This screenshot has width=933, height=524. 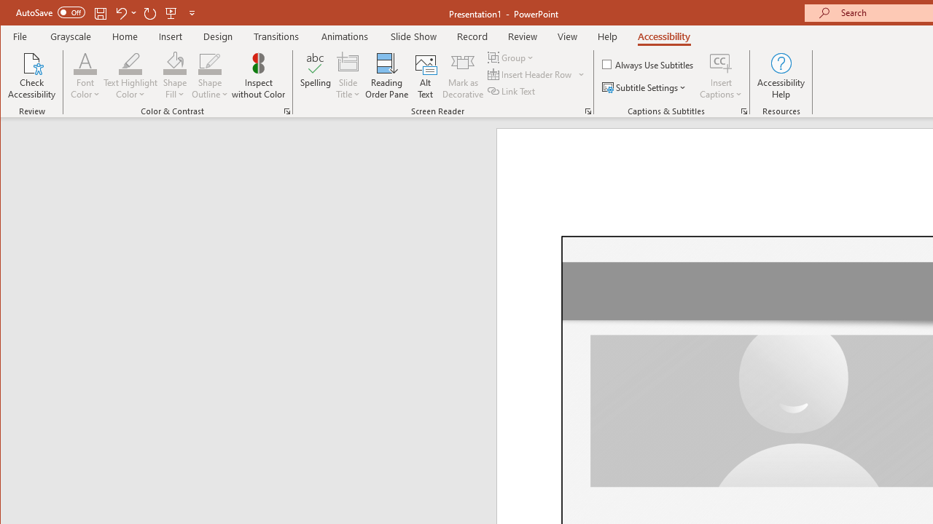 What do you see at coordinates (175, 76) in the screenshot?
I see `'Shape Fill'` at bounding box center [175, 76].